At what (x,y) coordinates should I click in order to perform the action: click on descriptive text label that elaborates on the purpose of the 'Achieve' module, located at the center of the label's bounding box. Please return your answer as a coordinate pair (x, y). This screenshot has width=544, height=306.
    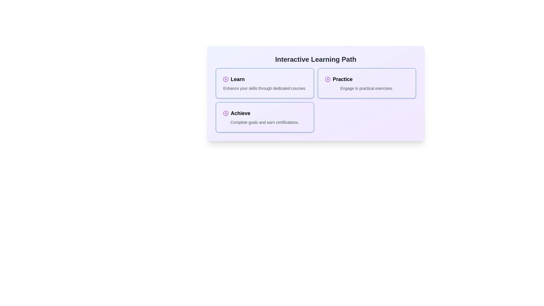
    Looking at the image, I should click on (264, 122).